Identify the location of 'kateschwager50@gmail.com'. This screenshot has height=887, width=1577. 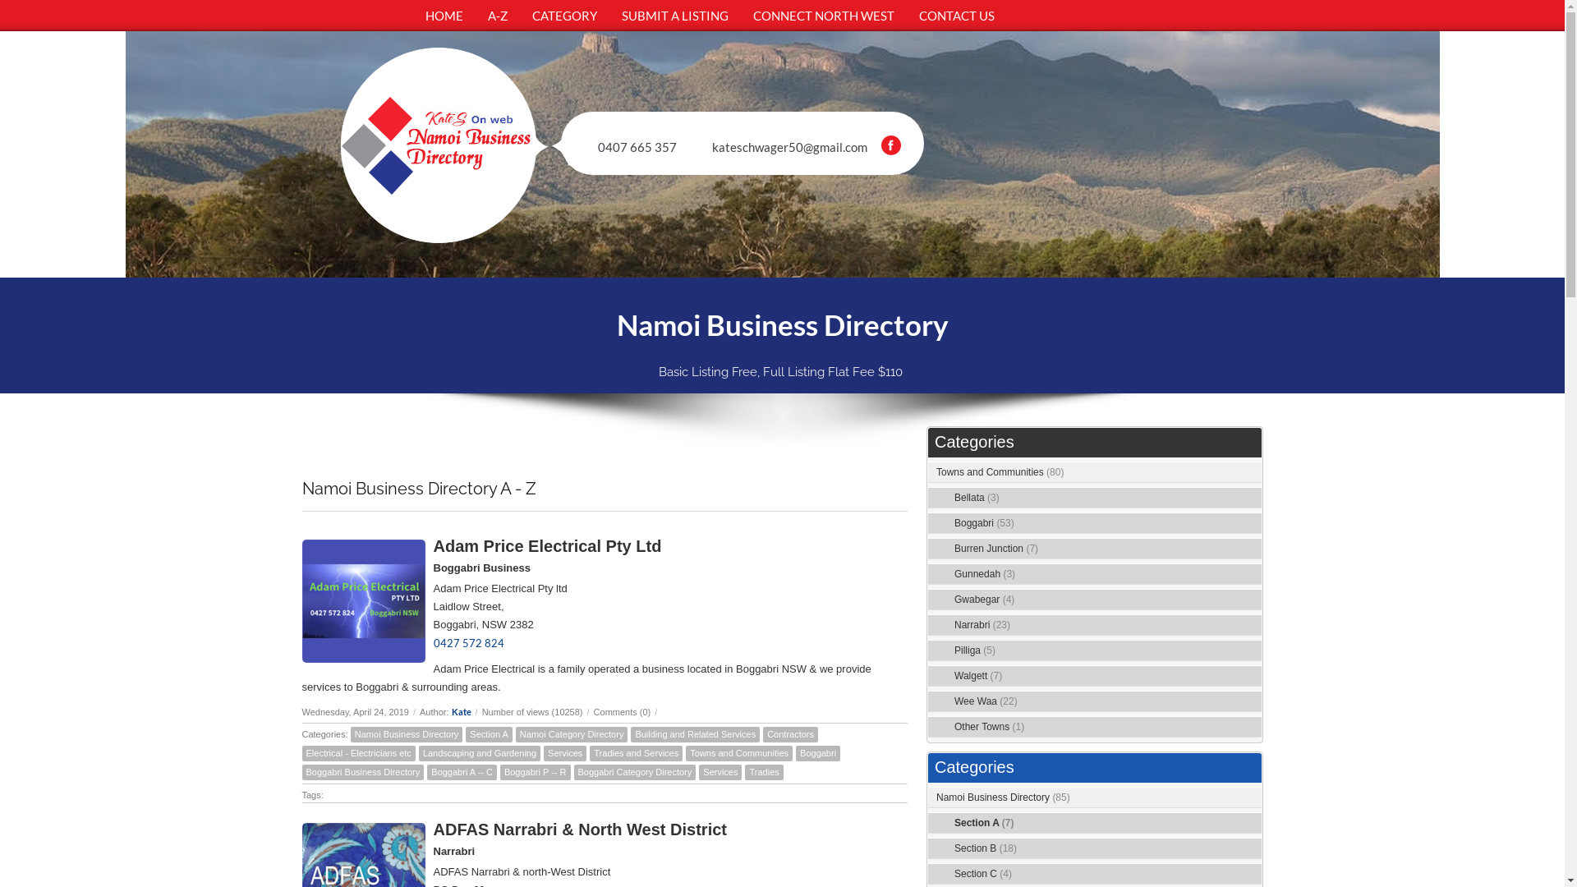
(789, 145).